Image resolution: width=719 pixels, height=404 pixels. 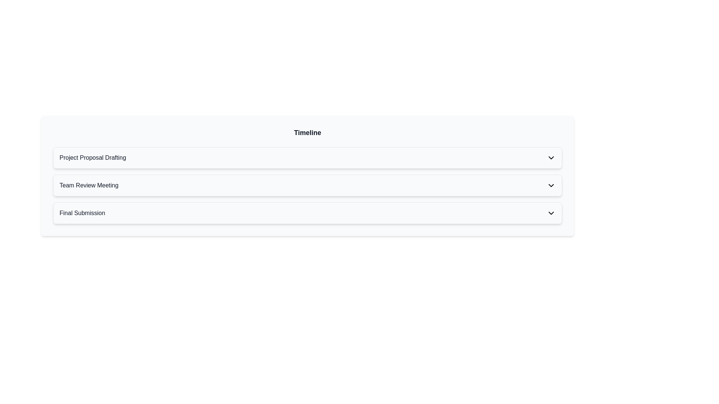 I want to click on the downward-facing arrow icon located at the far right of the row labeled 'Final Submission', so click(x=551, y=213).